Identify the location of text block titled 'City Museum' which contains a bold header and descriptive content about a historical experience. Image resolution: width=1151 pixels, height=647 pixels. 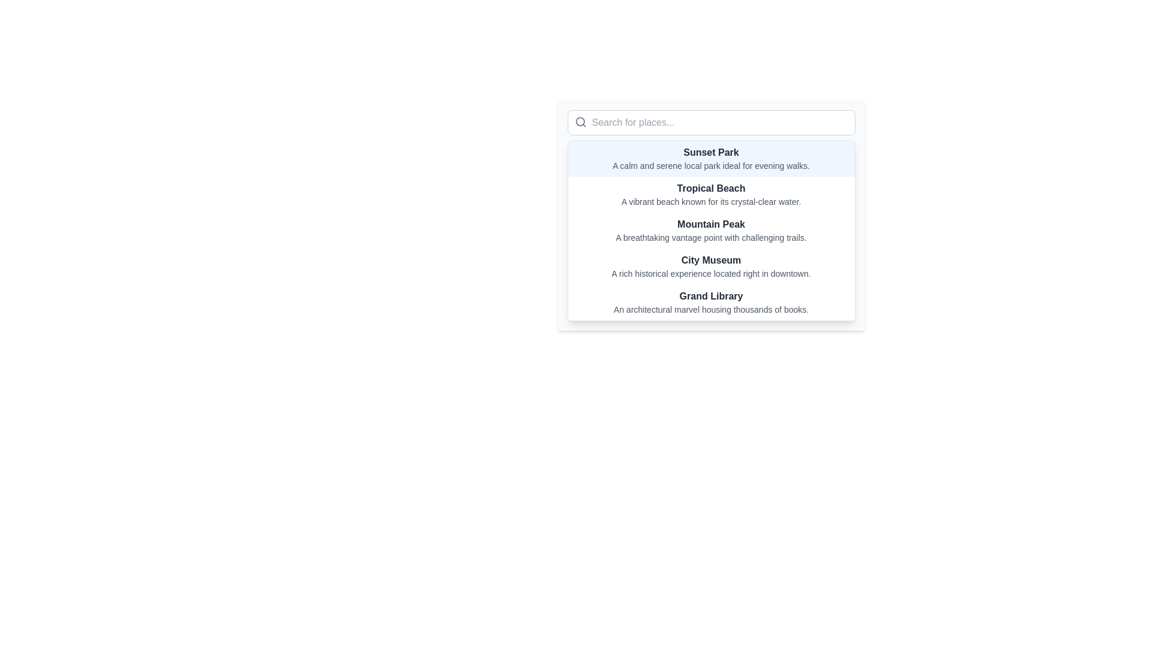
(711, 265).